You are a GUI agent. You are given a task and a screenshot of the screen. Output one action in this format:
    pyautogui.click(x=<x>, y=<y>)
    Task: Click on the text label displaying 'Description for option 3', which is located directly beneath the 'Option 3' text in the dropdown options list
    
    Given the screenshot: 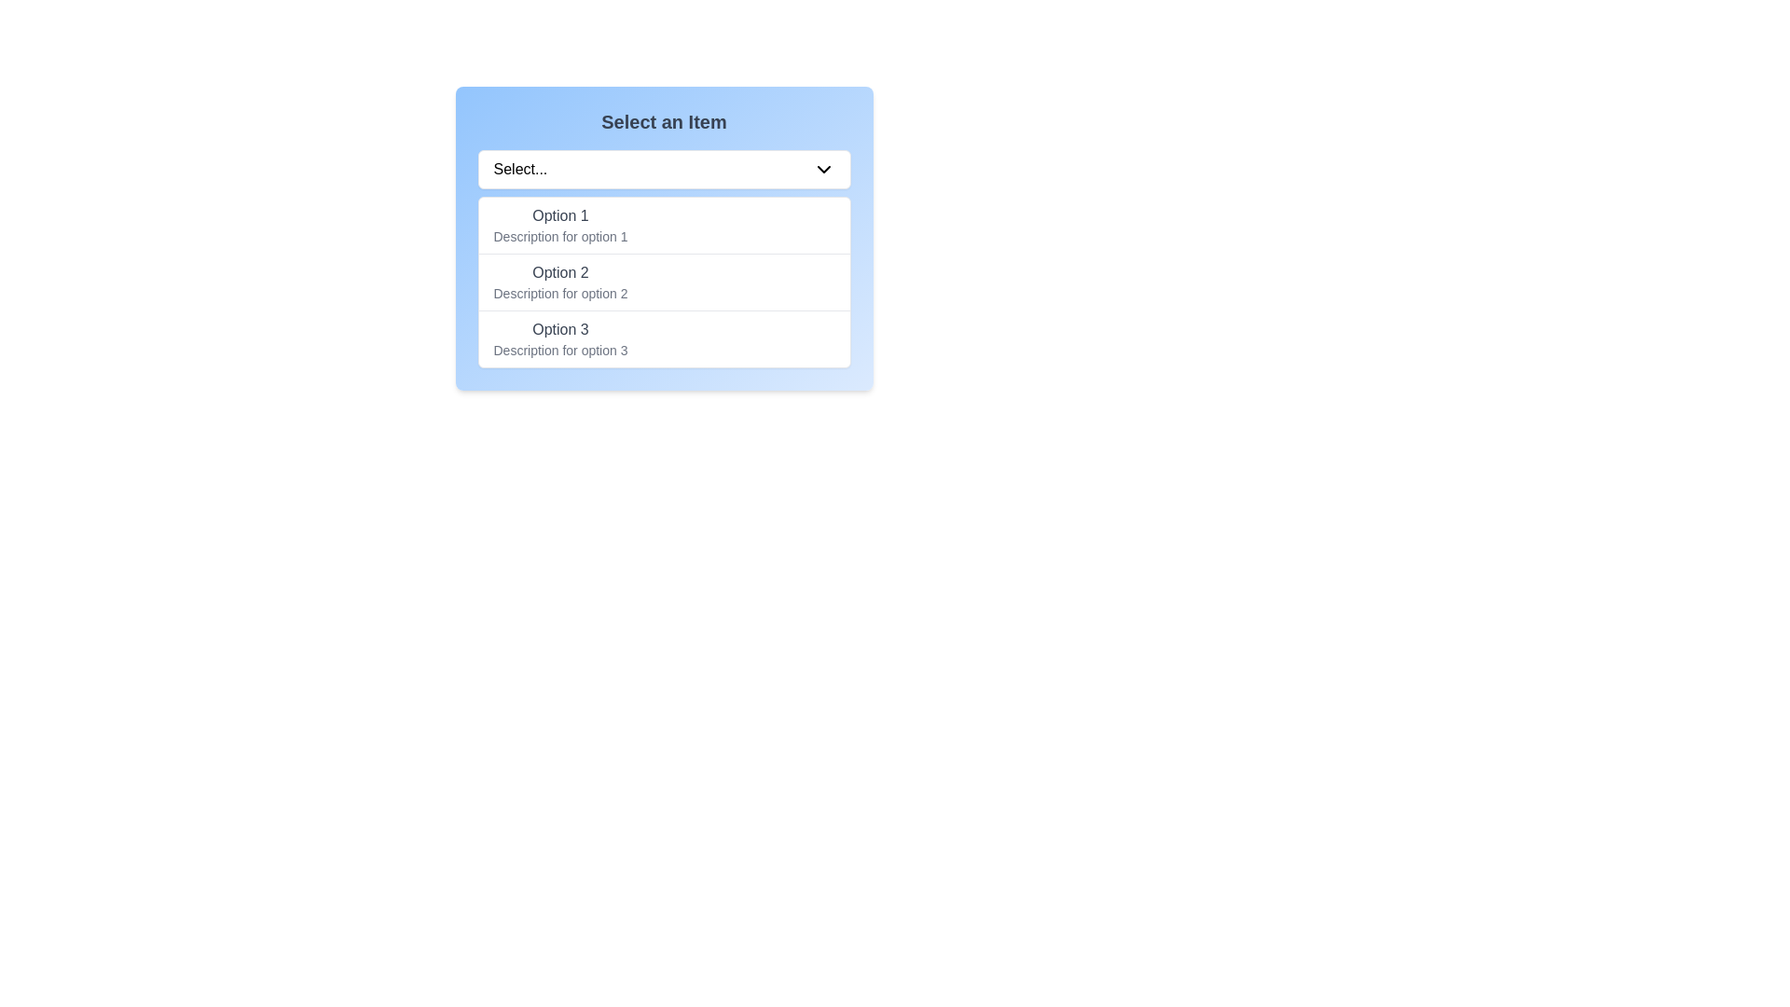 What is the action you would take?
    pyautogui.click(x=559, y=350)
    